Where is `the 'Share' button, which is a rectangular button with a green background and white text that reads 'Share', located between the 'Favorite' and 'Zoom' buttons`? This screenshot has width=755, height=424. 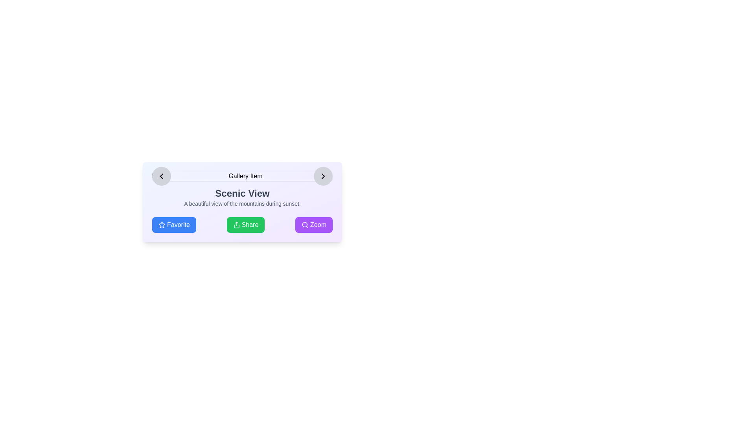 the 'Share' button, which is a rectangular button with a green background and white text that reads 'Share', located between the 'Favorite' and 'Zoom' buttons is located at coordinates (245, 225).